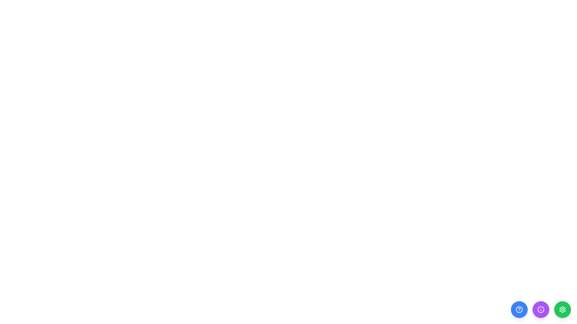 The image size is (577, 324). What do you see at coordinates (519, 310) in the screenshot?
I see `the hollow circular vector graphic element that forms the base structure for a question mark icon, located at the bottom-right corner of the interface` at bounding box center [519, 310].